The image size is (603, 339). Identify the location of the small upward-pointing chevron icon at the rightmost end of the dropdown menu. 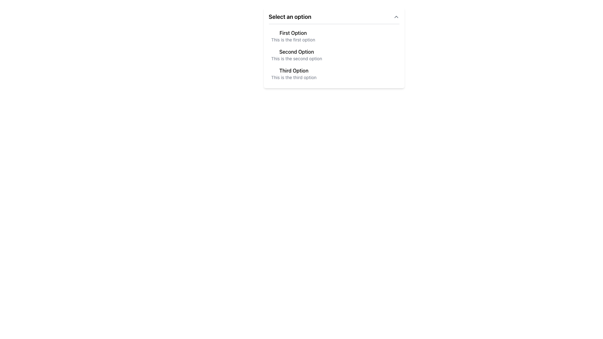
(396, 17).